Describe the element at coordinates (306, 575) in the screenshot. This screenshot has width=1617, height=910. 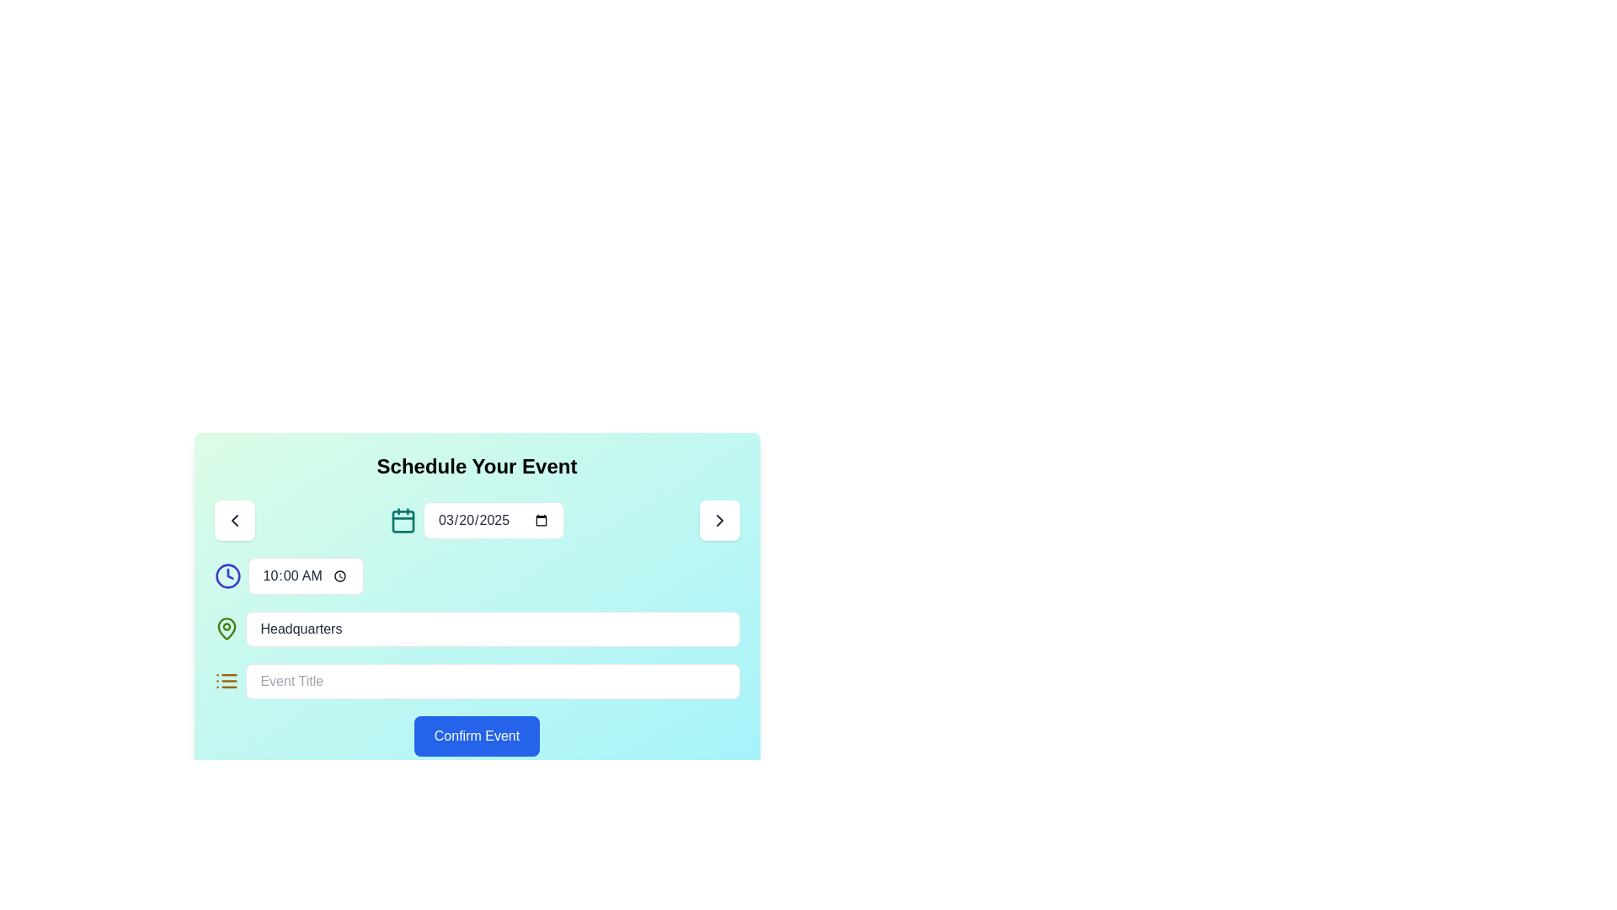
I see `the Time input field element, which is a rectangular input field displaying '10:00 AM' and positioned next to a clock icon` at that location.